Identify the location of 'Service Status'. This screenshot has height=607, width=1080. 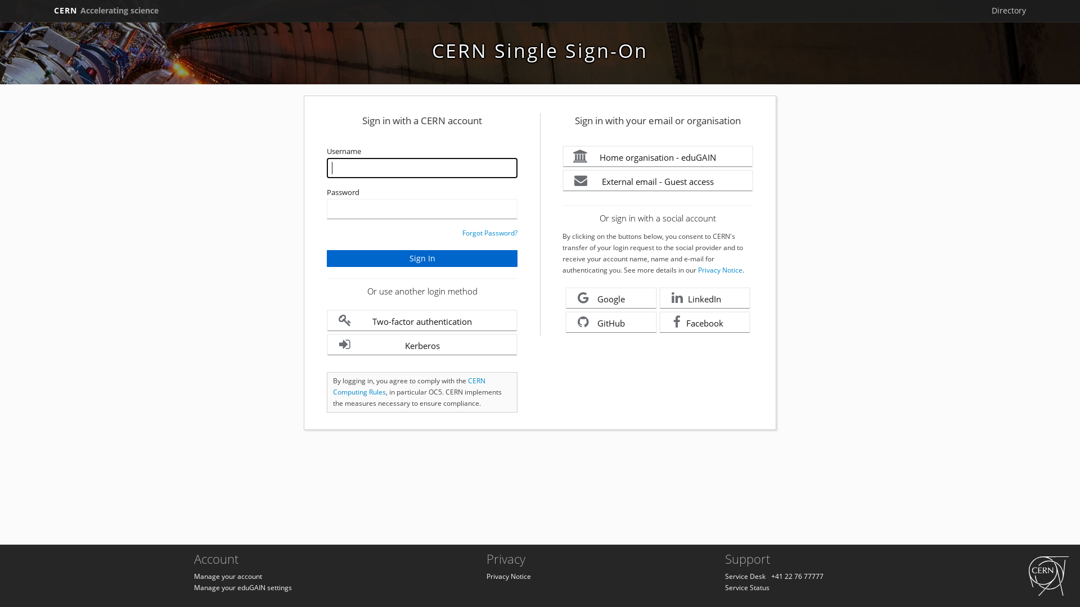
(725, 587).